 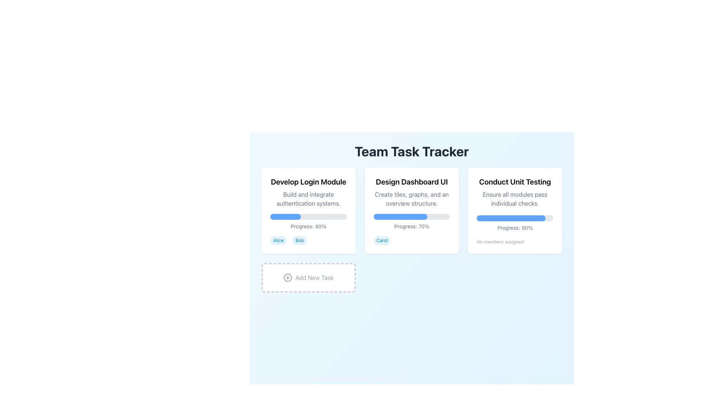 What do you see at coordinates (308, 224) in the screenshot?
I see `the progress level text label located below the description text and progress bar for the 'Develop Login Module' task in the leftmost panel` at bounding box center [308, 224].